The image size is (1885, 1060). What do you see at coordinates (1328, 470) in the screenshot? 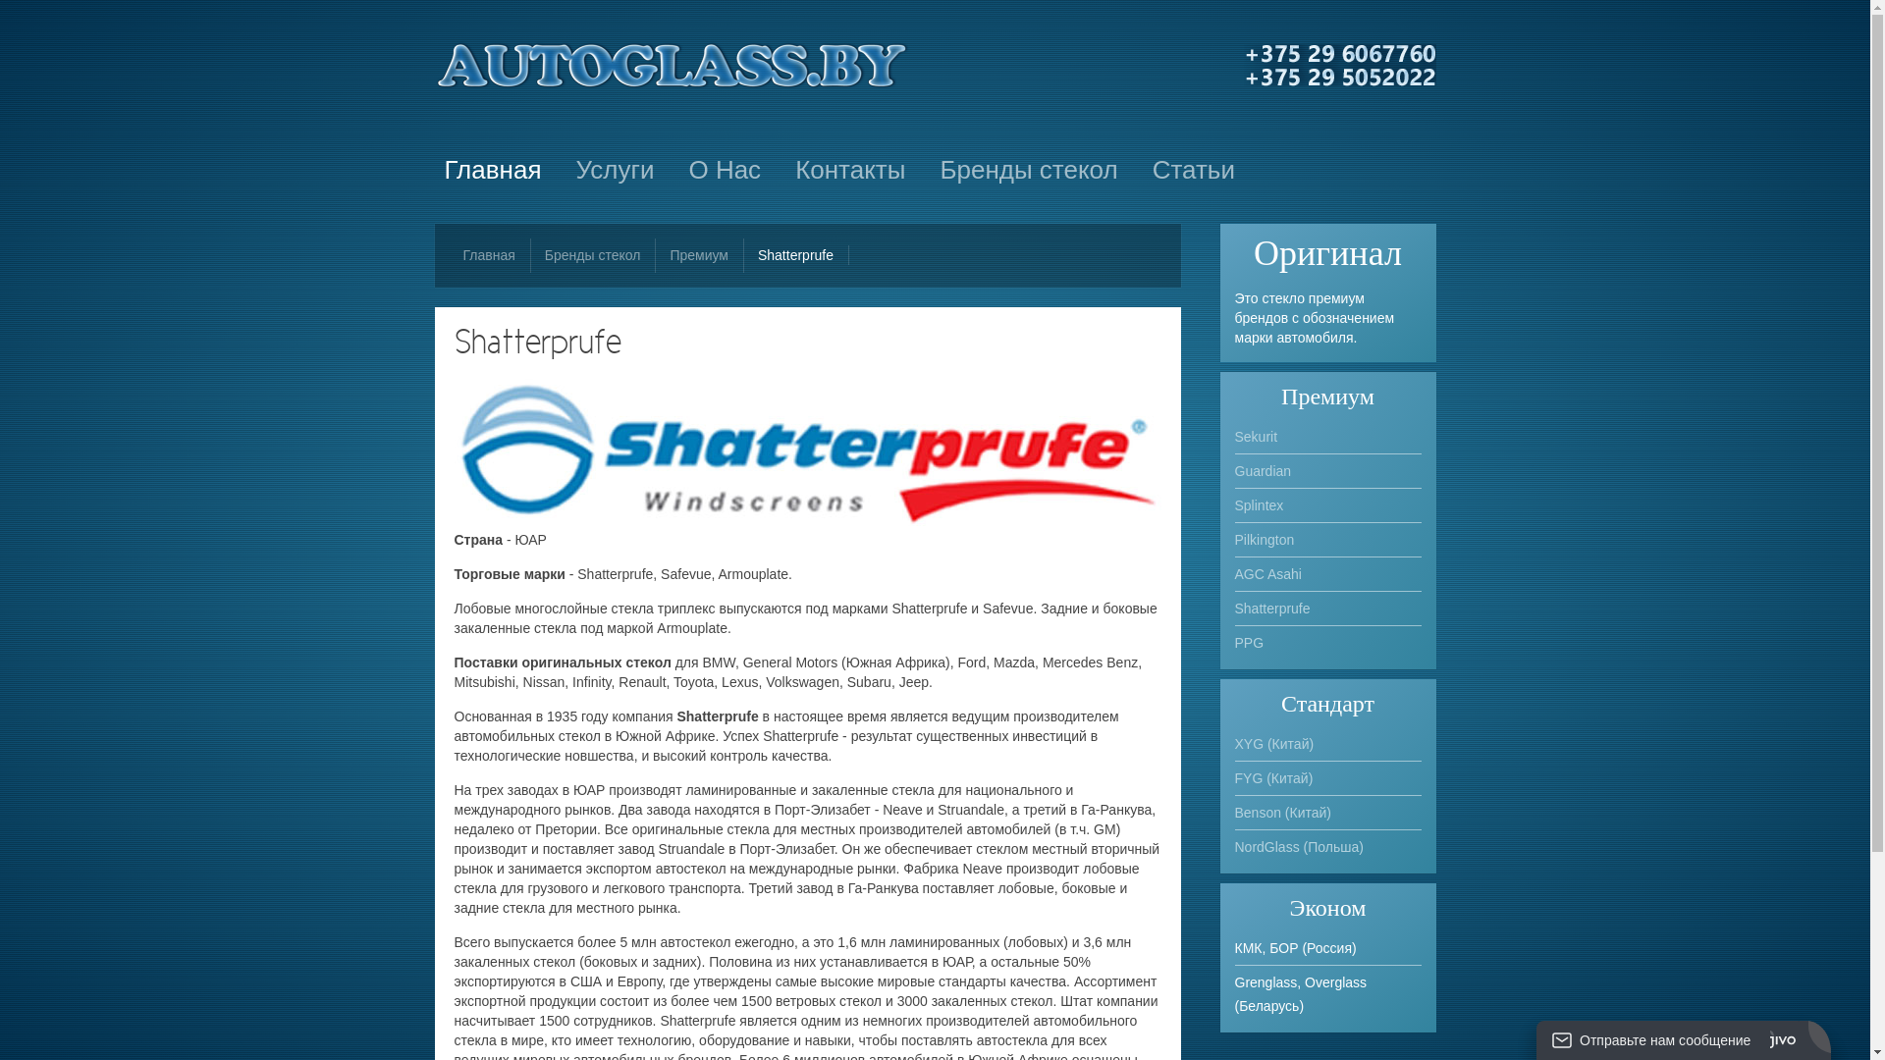
I see `'Guardian'` at bounding box center [1328, 470].